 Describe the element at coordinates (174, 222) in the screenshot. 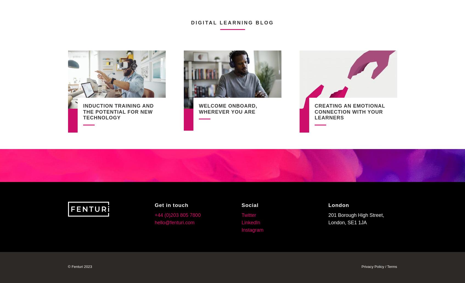

I see `'hello@fenturi.com'` at that location.